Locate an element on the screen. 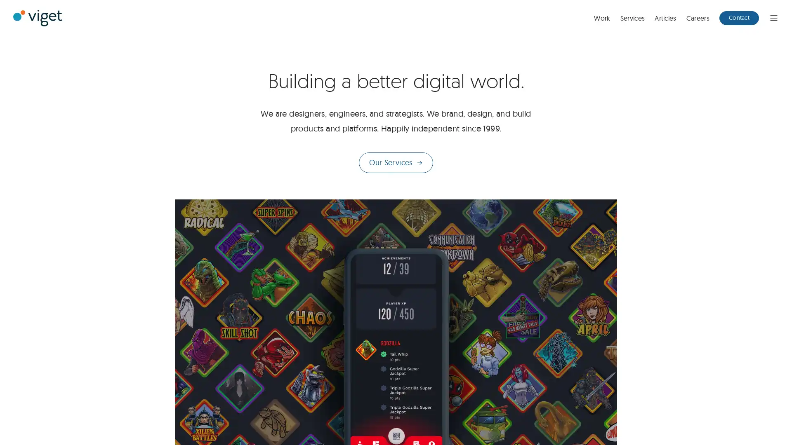 The width and height of the screenshot is (792, 445). Open Menu is located at coordinates (773, 17).